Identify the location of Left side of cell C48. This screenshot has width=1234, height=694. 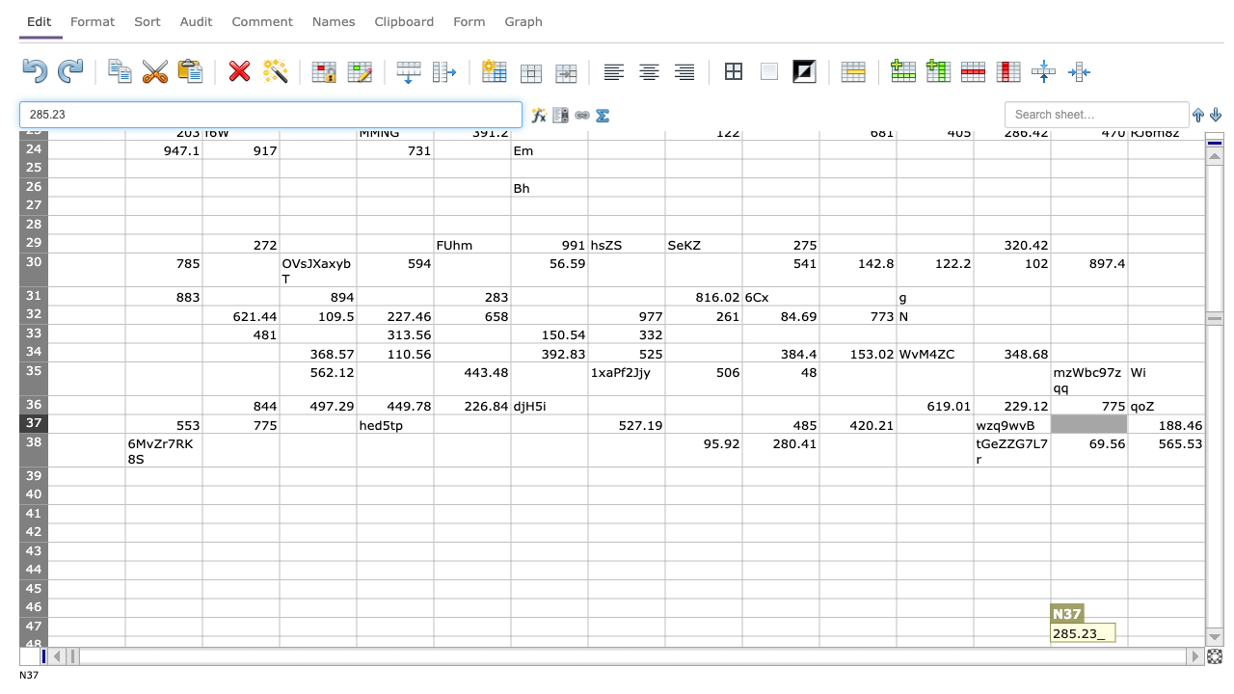
(202, 645).